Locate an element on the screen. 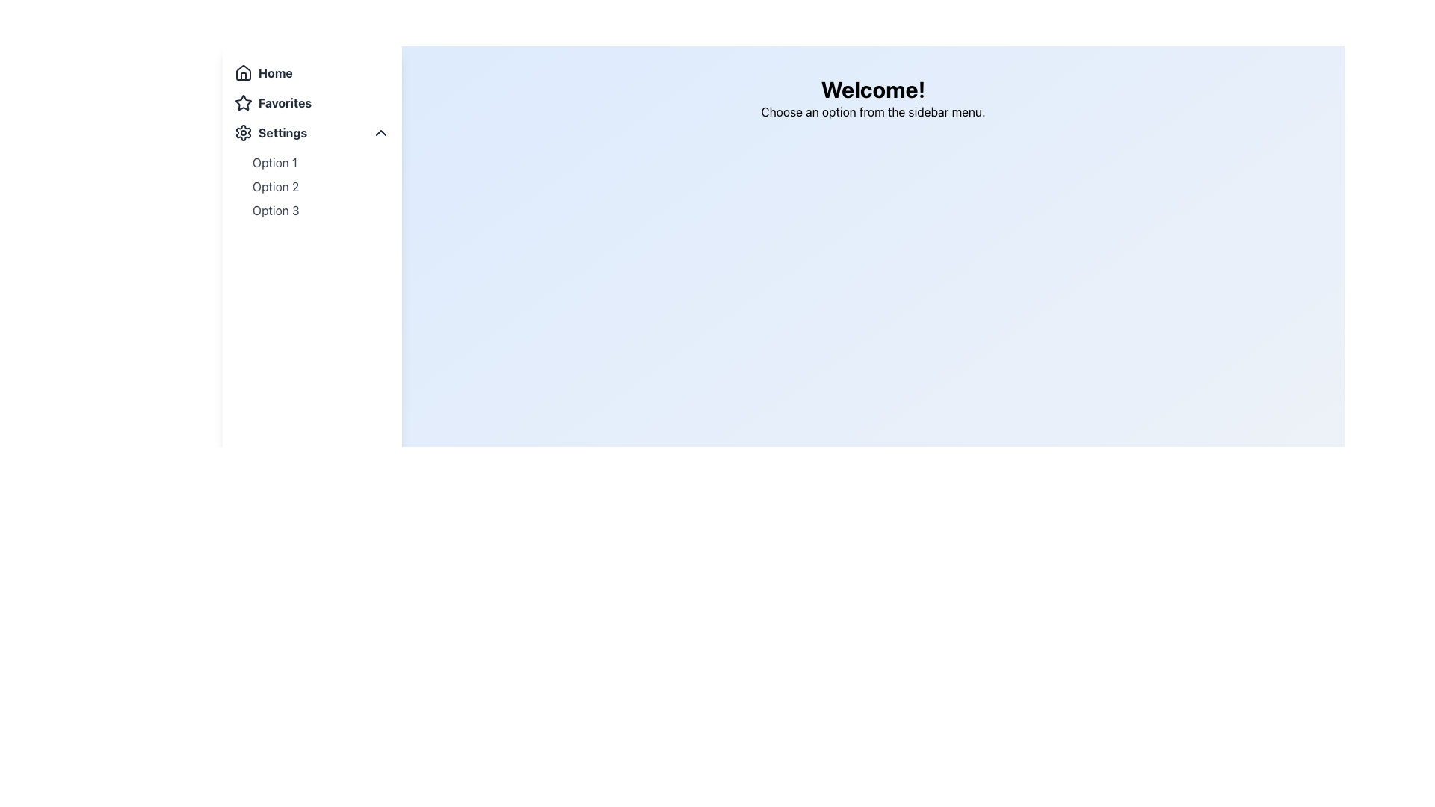 The width and height of the screenshot is (1435, 807). the second entry labeled 'Option 2' in the settings menu is located at coordinates (276, 186).